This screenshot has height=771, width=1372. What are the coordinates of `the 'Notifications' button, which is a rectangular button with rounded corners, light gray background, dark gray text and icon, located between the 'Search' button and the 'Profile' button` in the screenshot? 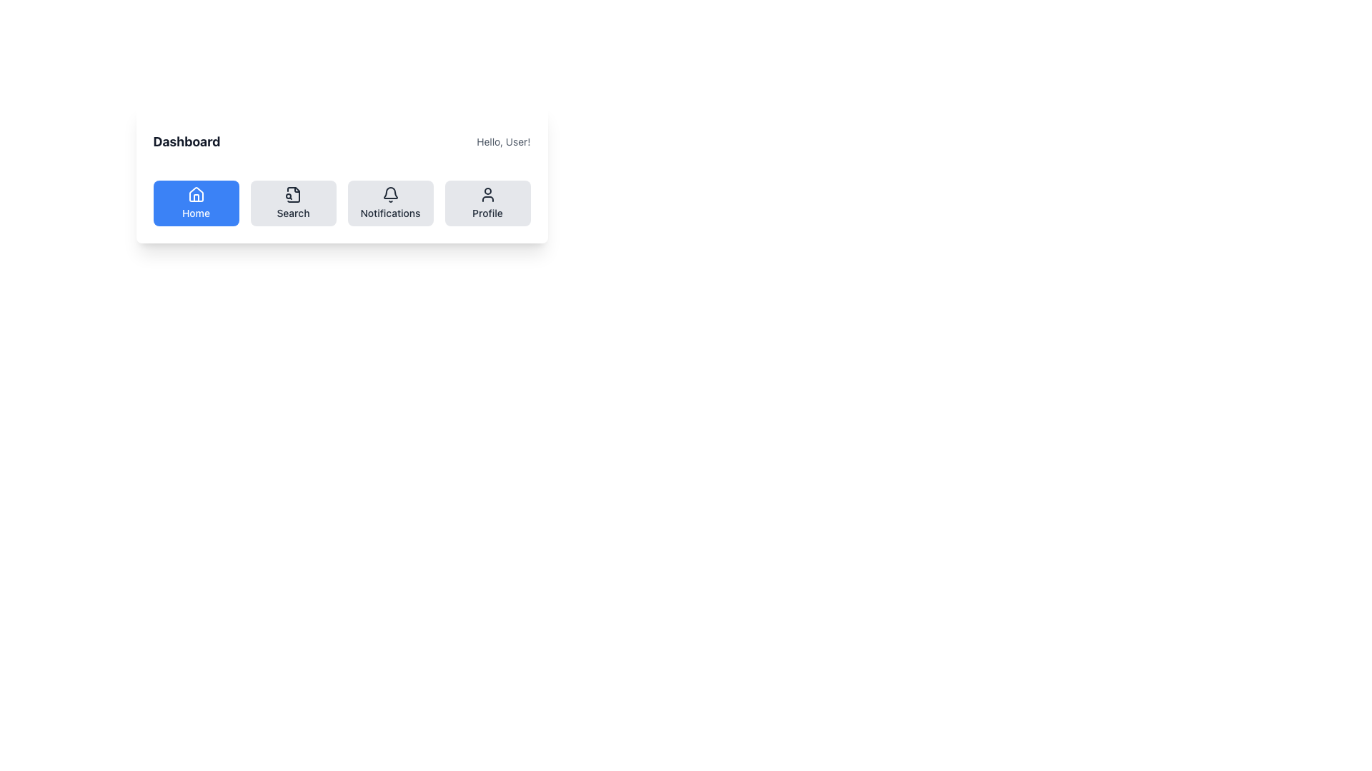 It's located at (390, 203).